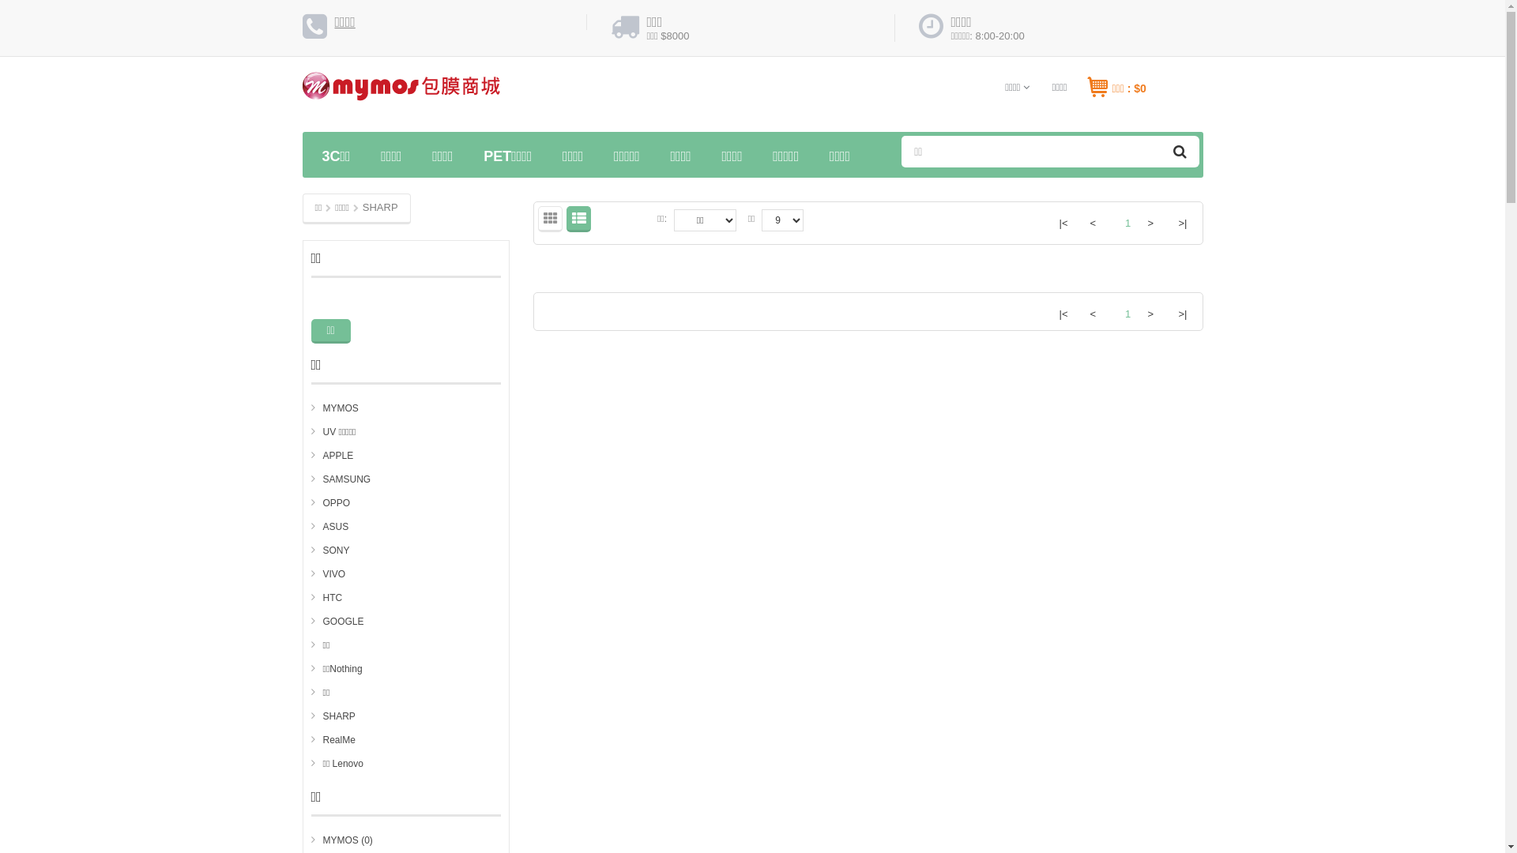  Describe the element at coordinates (1063, 313) in the screenshot. I see `'|<'` at that location.